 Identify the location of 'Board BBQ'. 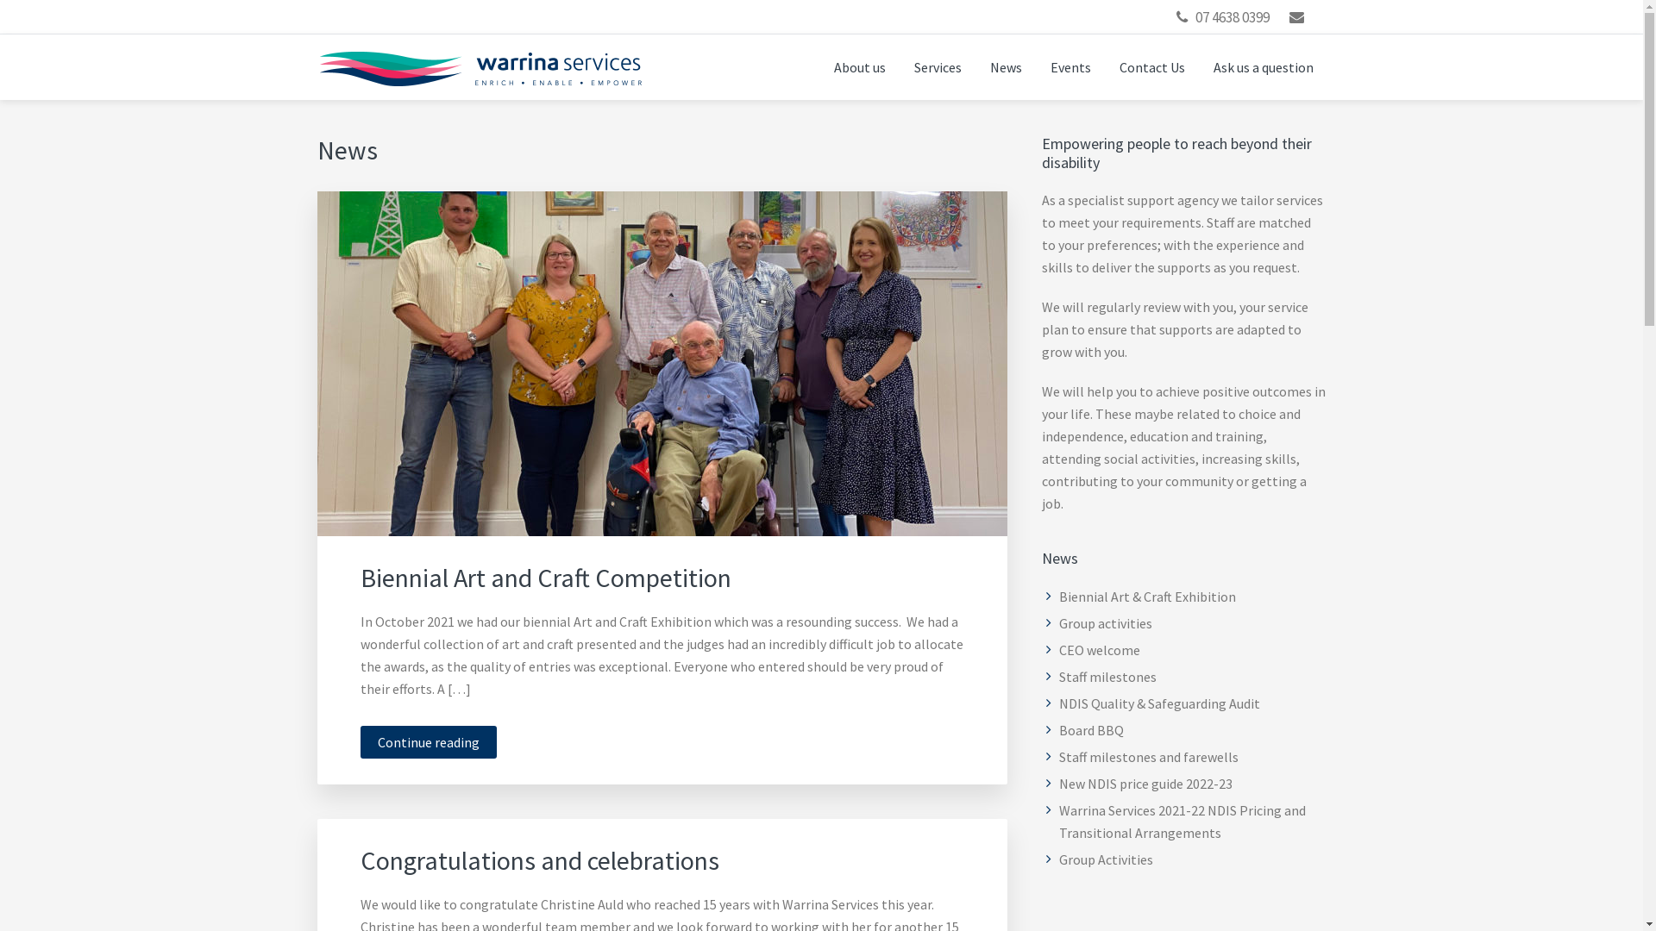
(1090, 730).